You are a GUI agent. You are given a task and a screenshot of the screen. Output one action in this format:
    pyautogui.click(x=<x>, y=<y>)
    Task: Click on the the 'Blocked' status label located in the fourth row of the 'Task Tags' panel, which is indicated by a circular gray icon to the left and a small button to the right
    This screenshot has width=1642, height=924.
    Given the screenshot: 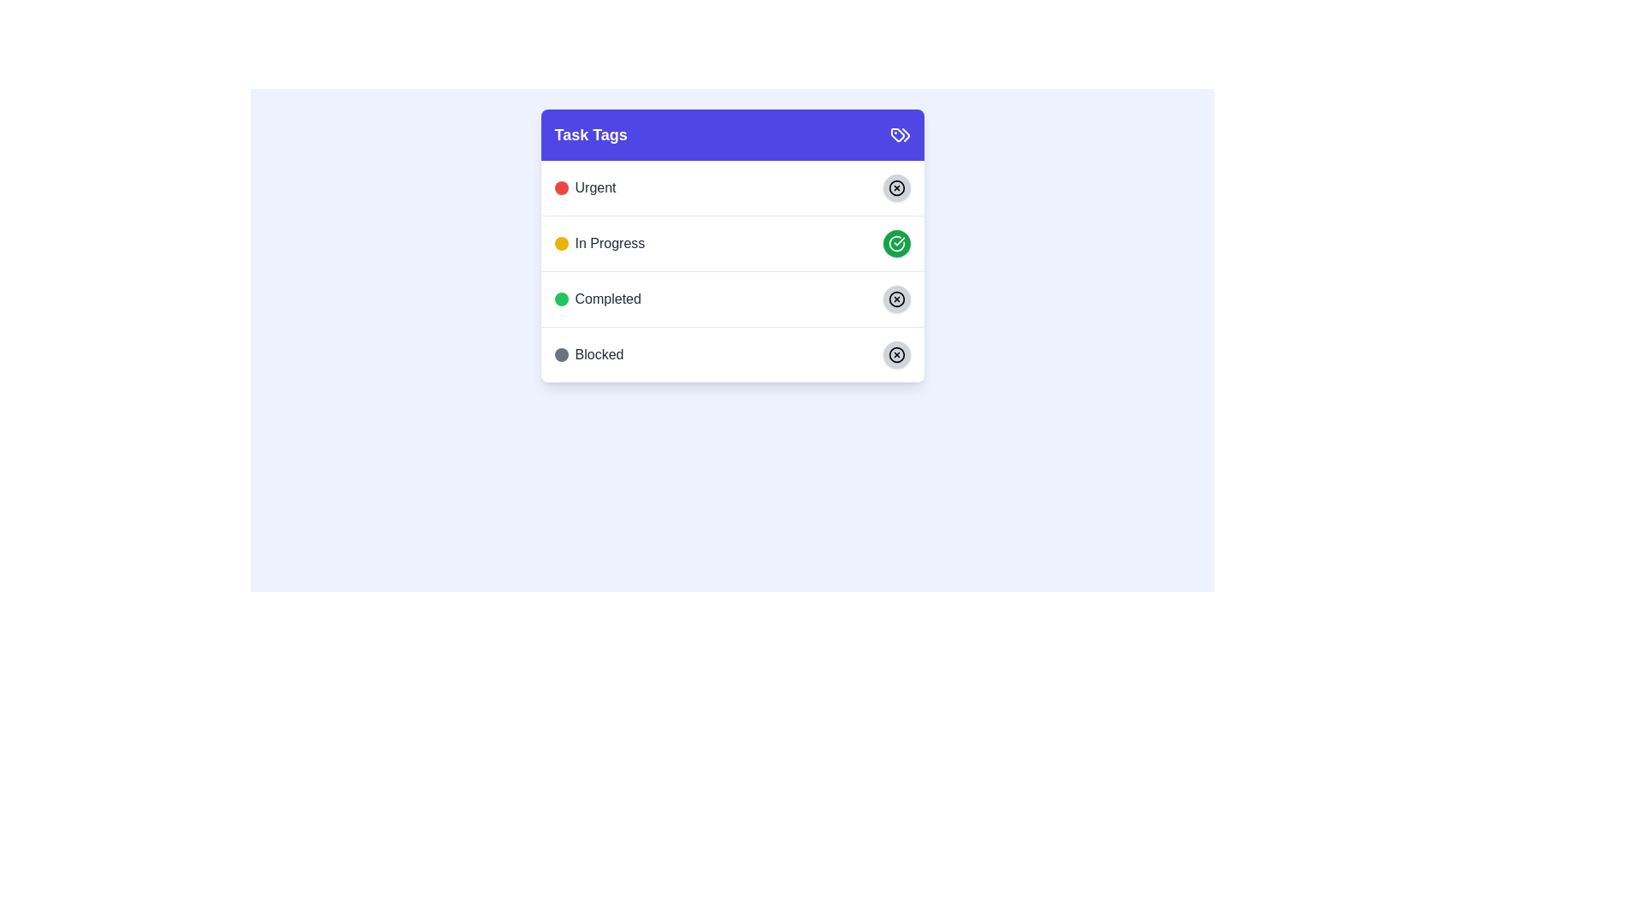 What is the action you would take?
    pyautogui.click(x=599, y=354)
    